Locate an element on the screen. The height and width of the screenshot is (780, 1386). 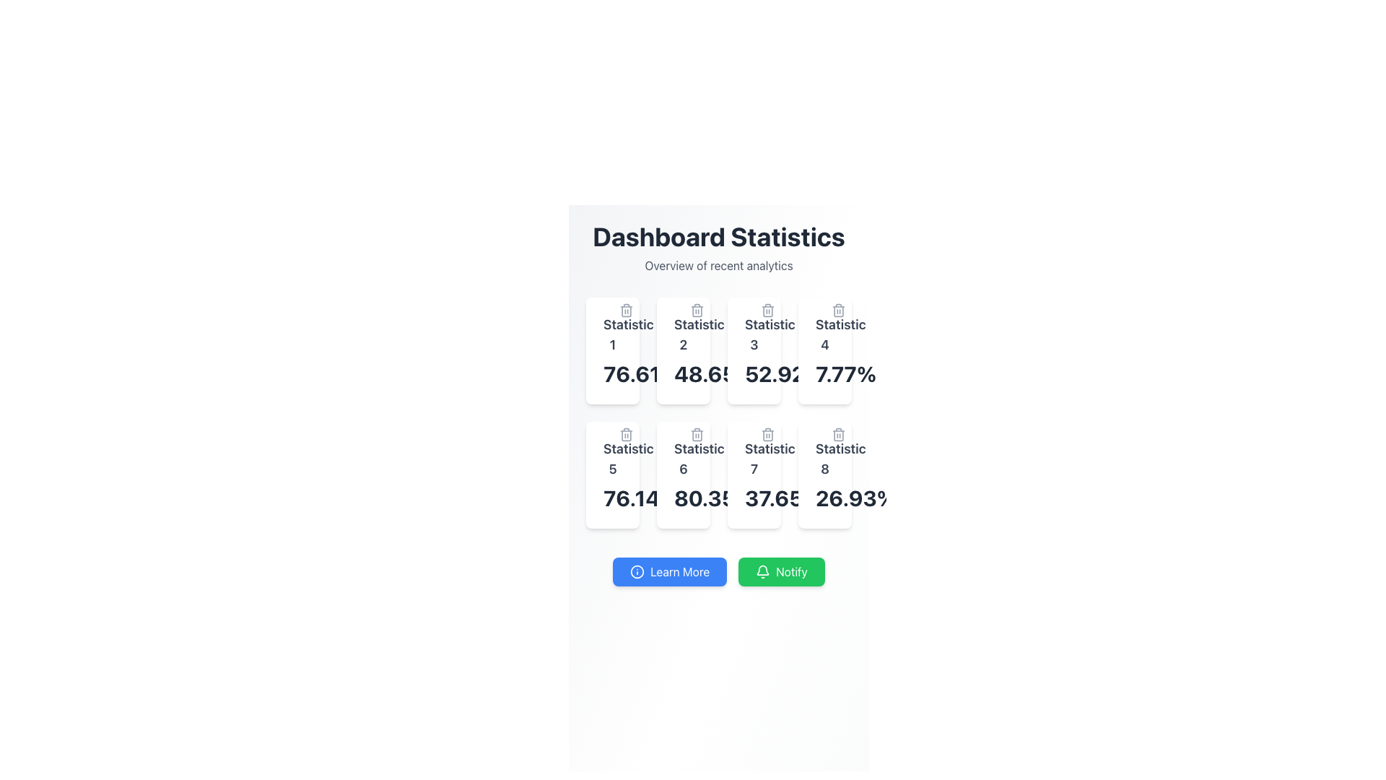
the informational card displaying a statistic, located in the second row, second column of the grid layout is located at coordinates (682, 475).